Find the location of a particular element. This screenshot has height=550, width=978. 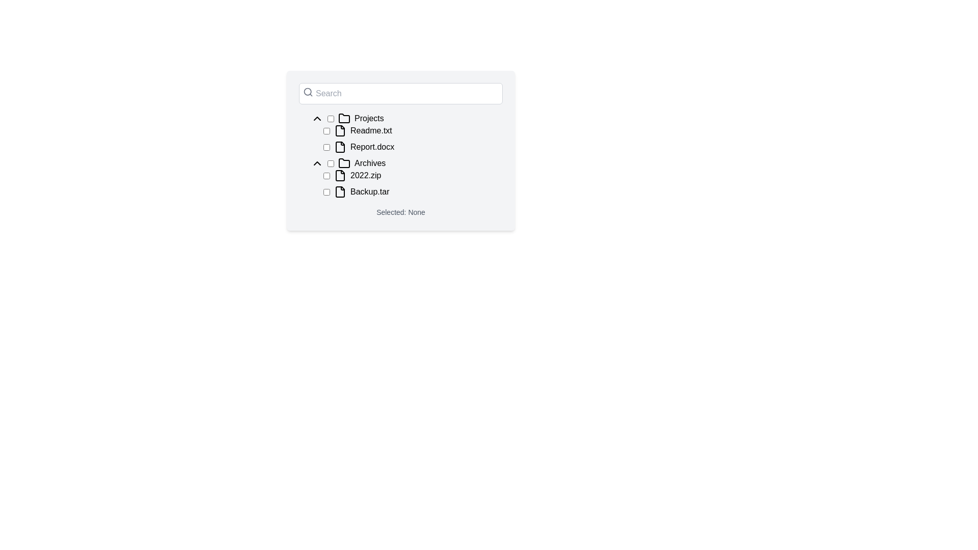

the checkbox for 'Backup.tar' in the 'Archives' folder list using tab key navigation is located at coordinates (327, 192).